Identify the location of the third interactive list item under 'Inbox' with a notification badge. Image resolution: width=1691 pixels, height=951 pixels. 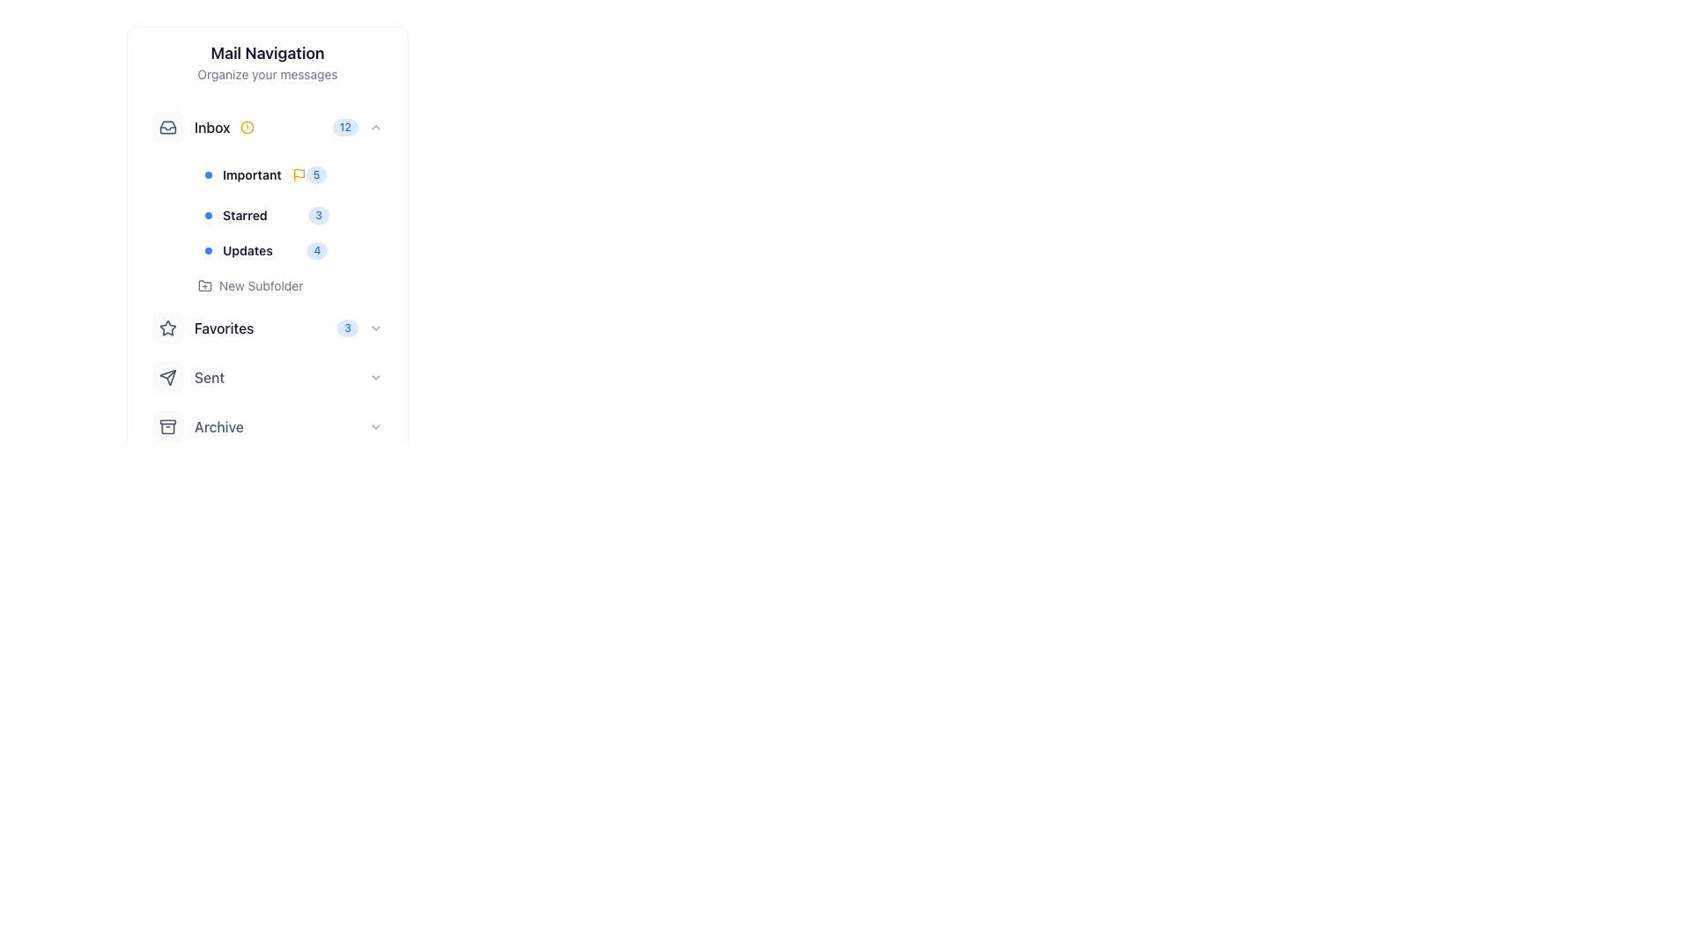
(288, 251).